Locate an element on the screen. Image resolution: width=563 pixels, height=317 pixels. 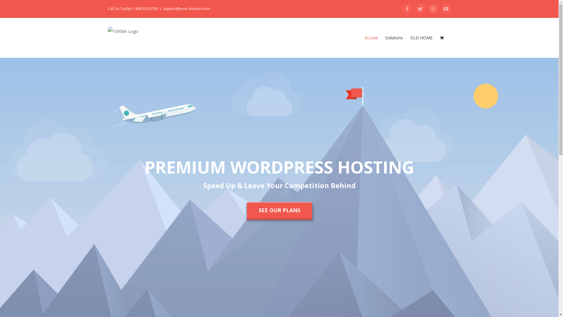
'YouTube' is located at coordinates (446, 9).